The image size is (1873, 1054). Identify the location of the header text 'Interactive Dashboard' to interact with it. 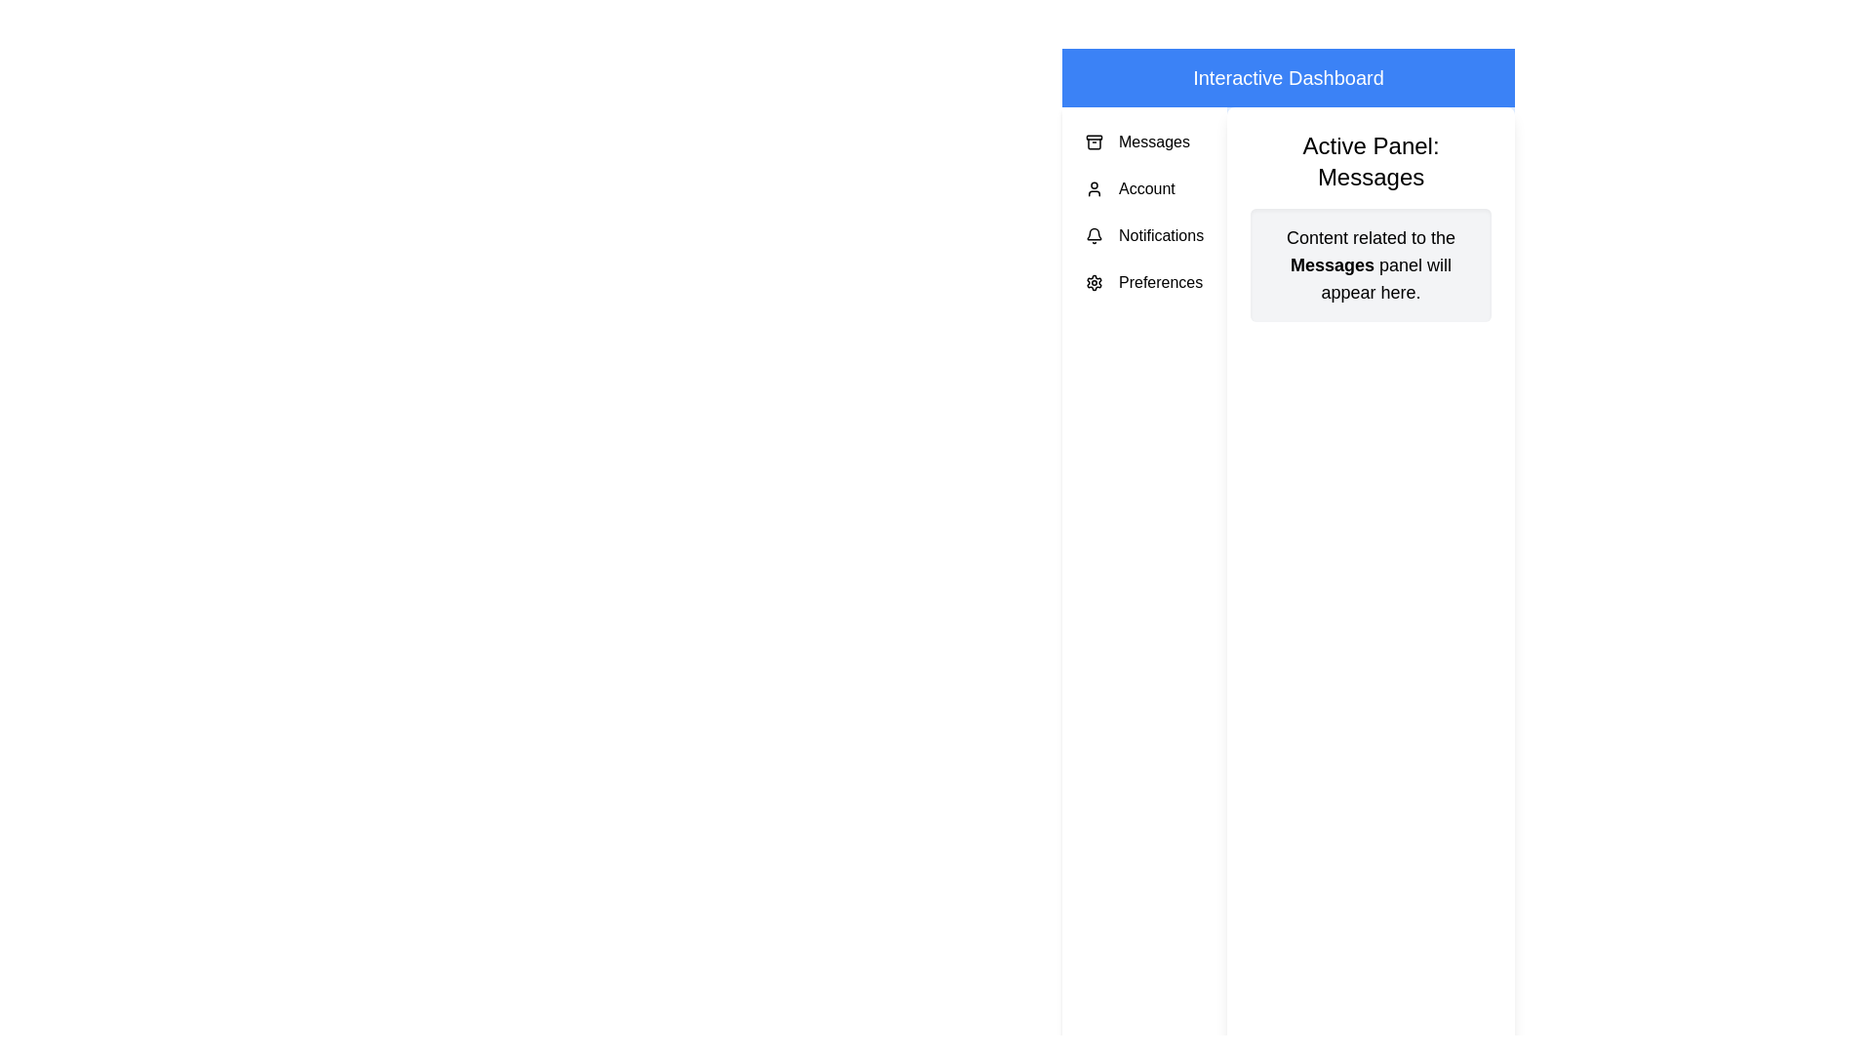
(1288, 77).